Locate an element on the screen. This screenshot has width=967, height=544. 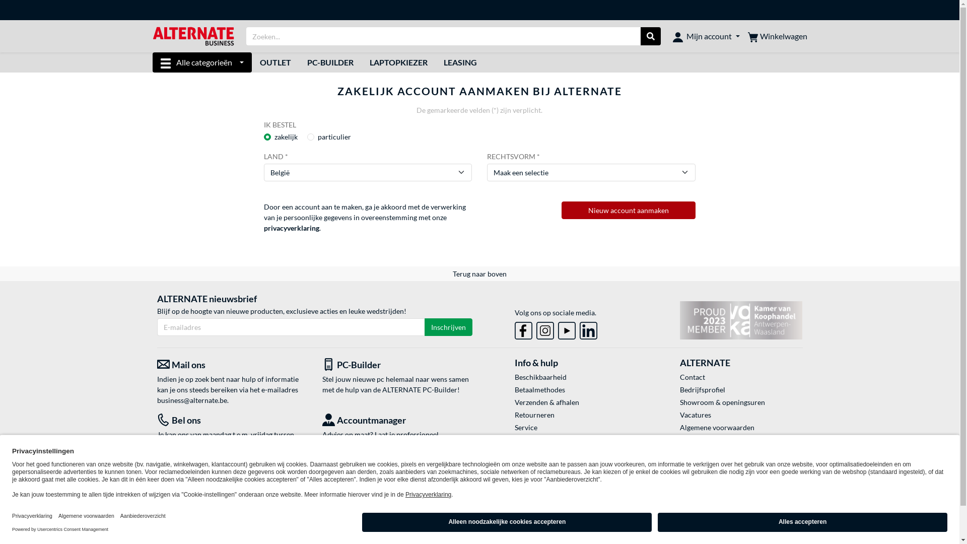
'business@alternate.be' is located at coordinates (192, 399).